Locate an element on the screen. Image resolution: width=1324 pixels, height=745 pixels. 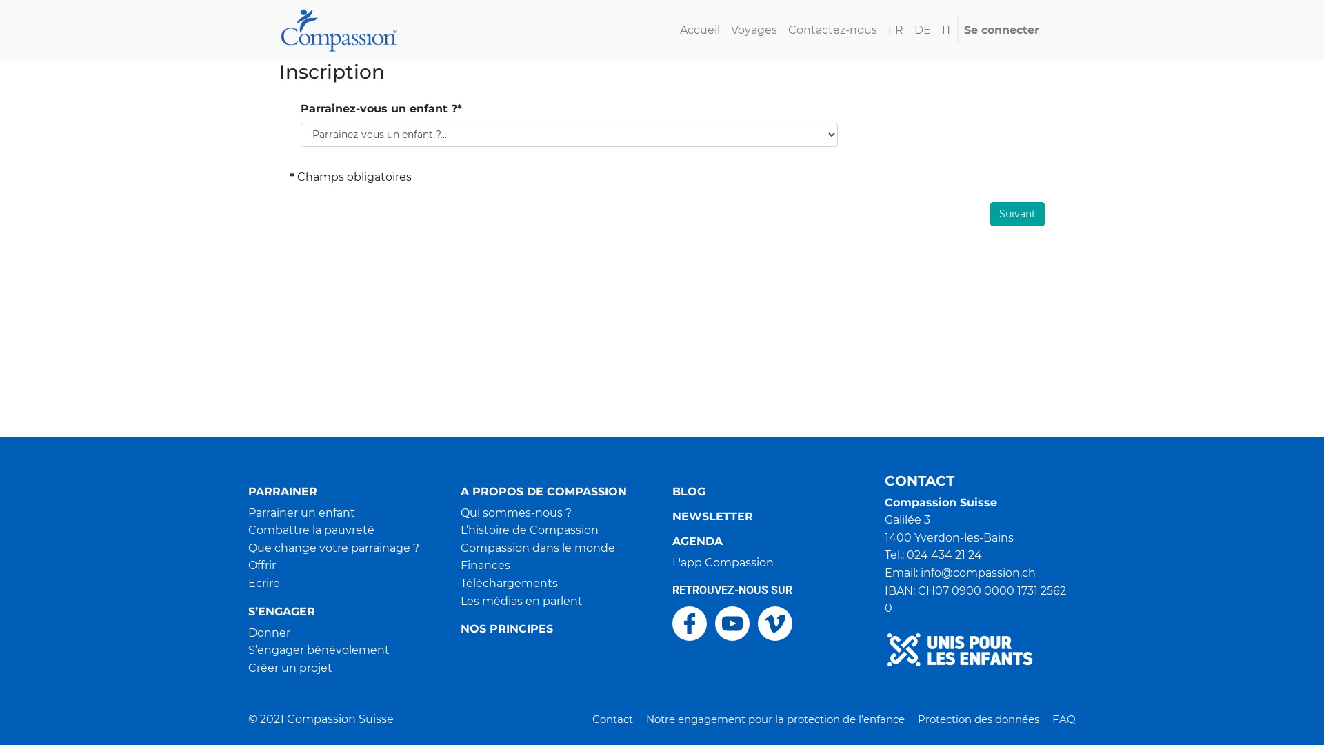
'Finances' is located at coordinates (460, 565).